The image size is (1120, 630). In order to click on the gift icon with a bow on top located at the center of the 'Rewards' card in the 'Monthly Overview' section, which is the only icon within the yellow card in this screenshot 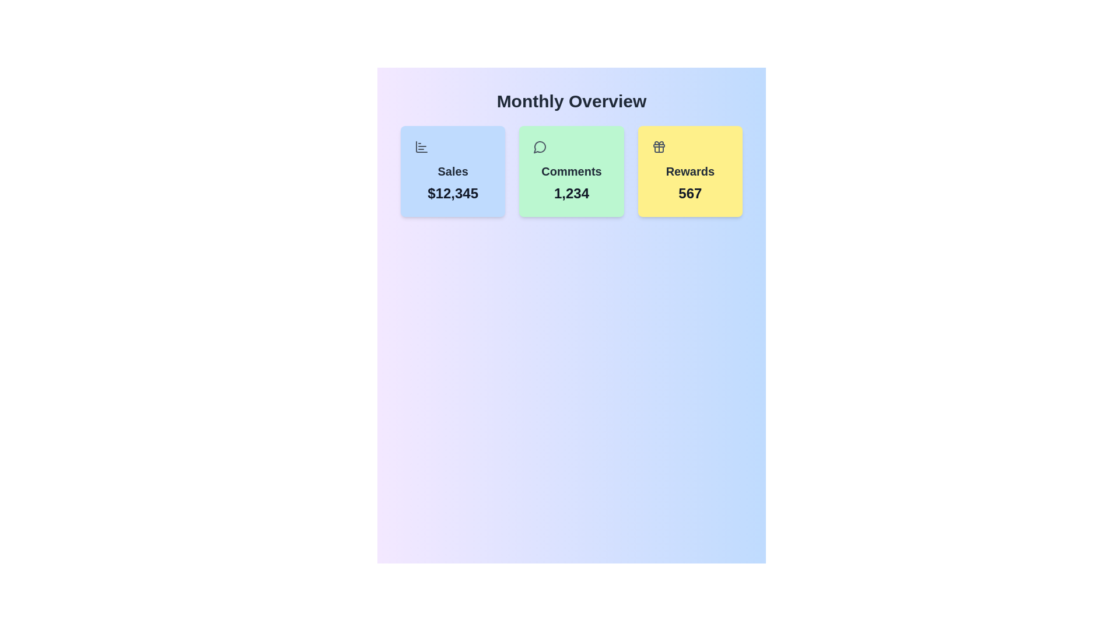, I will do `click(659, 146)`.